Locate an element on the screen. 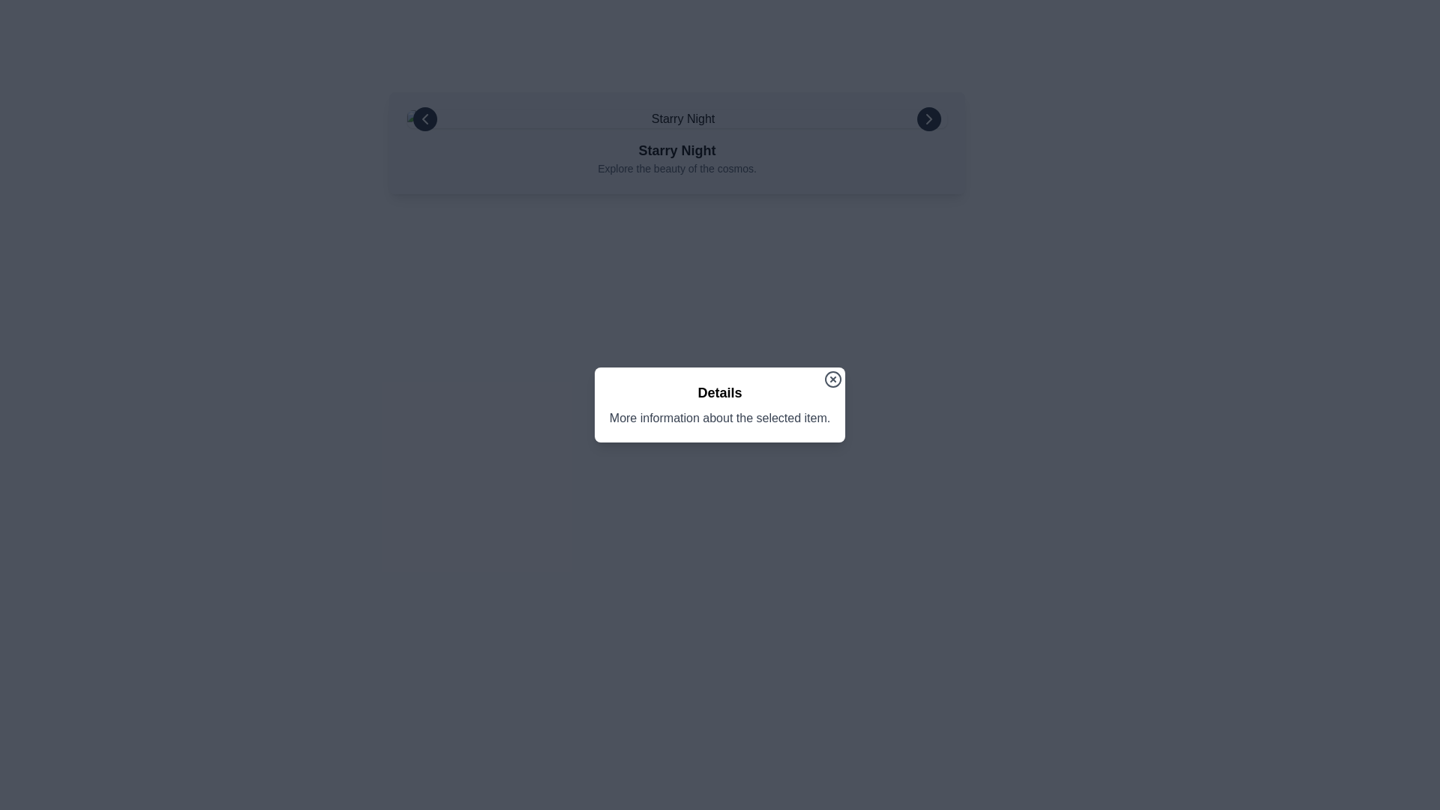  the close button located in the top-right corner of the modal window is located at coordinates (832, 378).